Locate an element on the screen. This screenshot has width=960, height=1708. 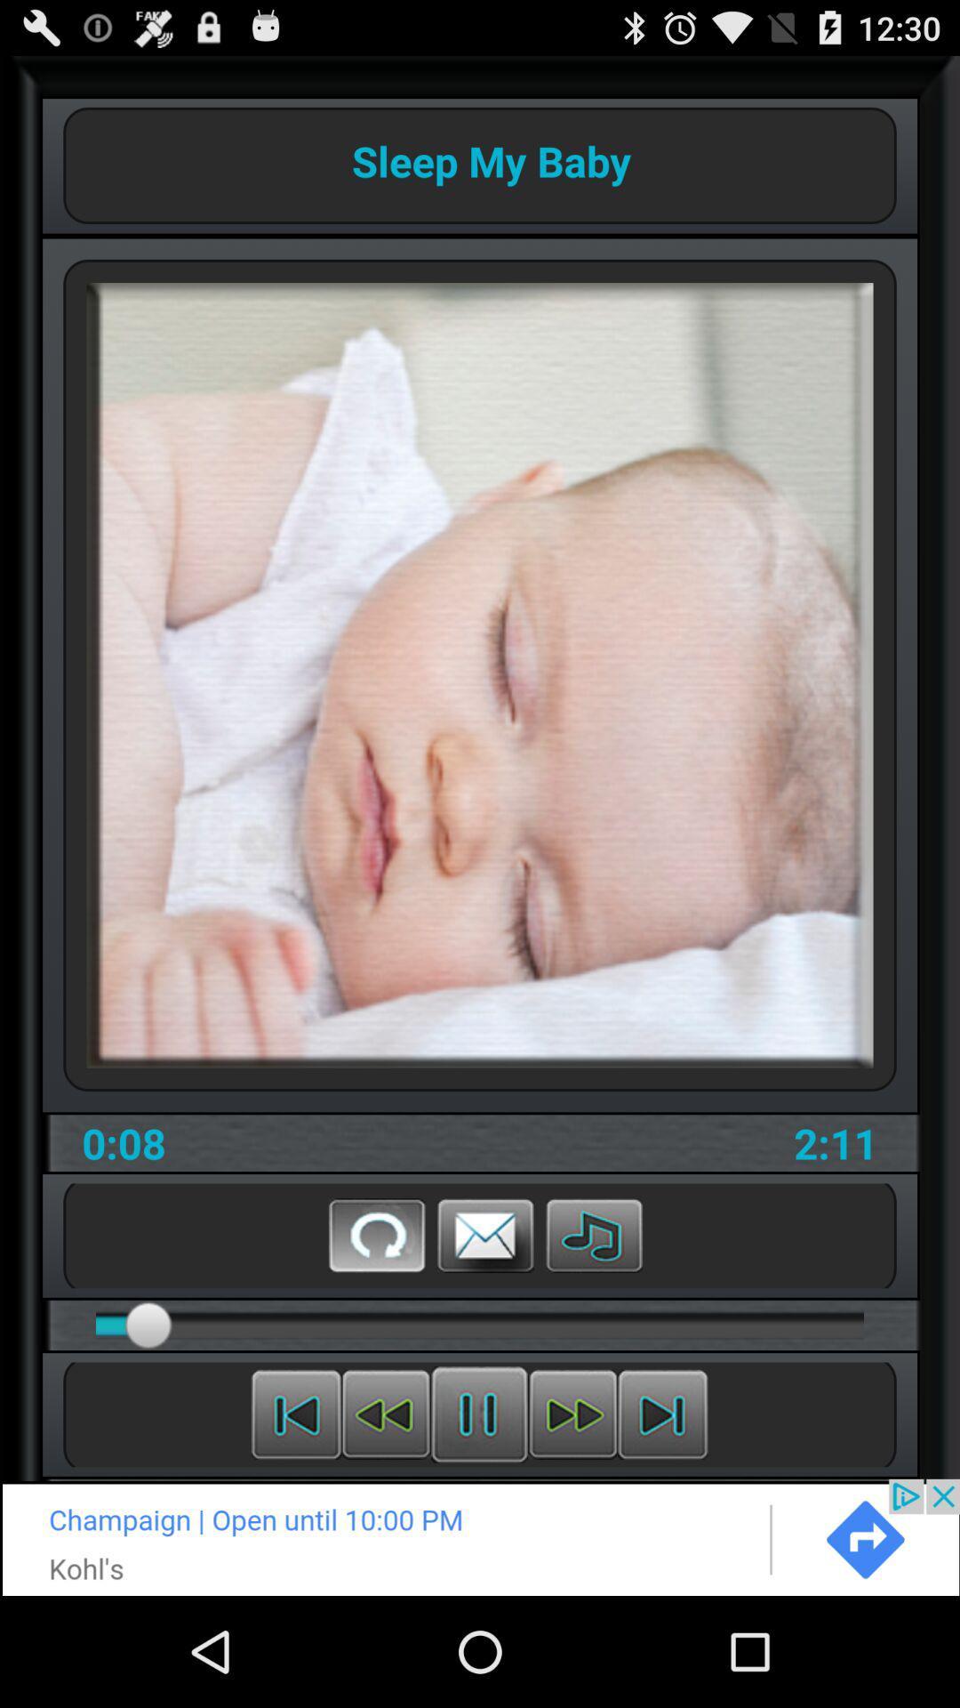
fast forward the given track is located at coordinates (572, 1414).